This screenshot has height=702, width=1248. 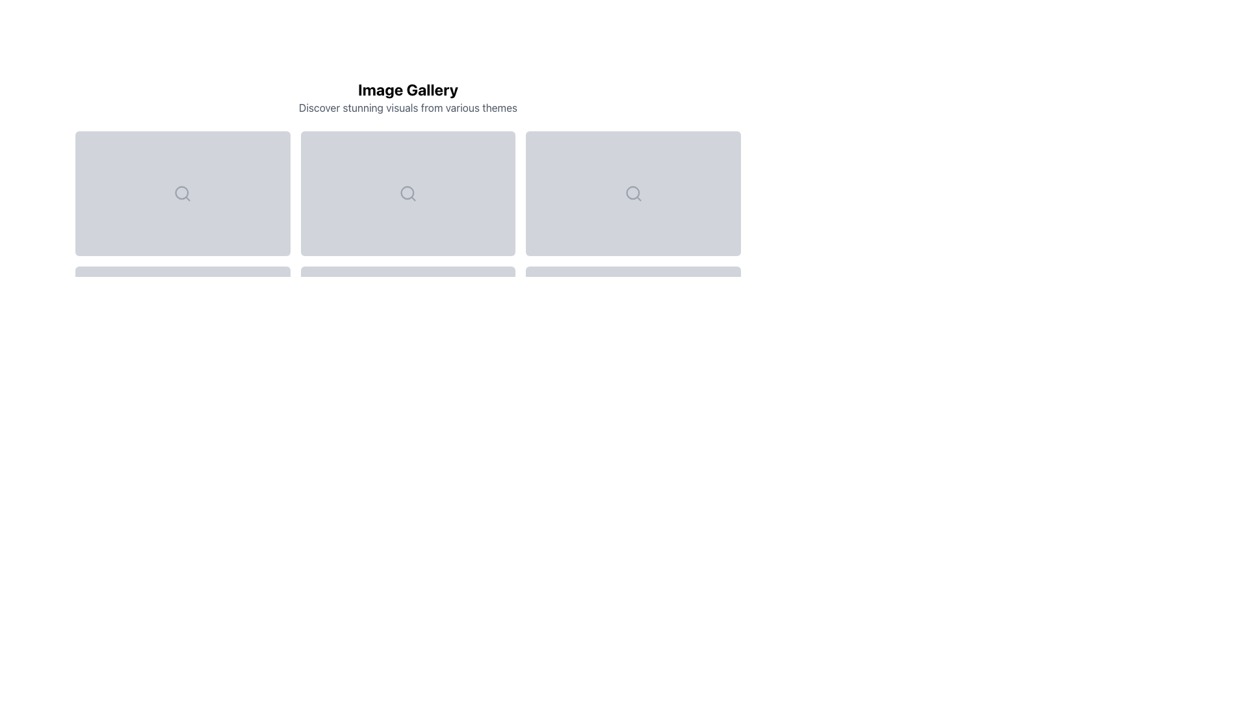 What do you see at coordinates (717, 232) in the screenshot?
I see `the circular Interactive Button located in the bottom-right corner of the third image tile in the gallery row to observe the scaling animation` at bounding box center [717, 232].